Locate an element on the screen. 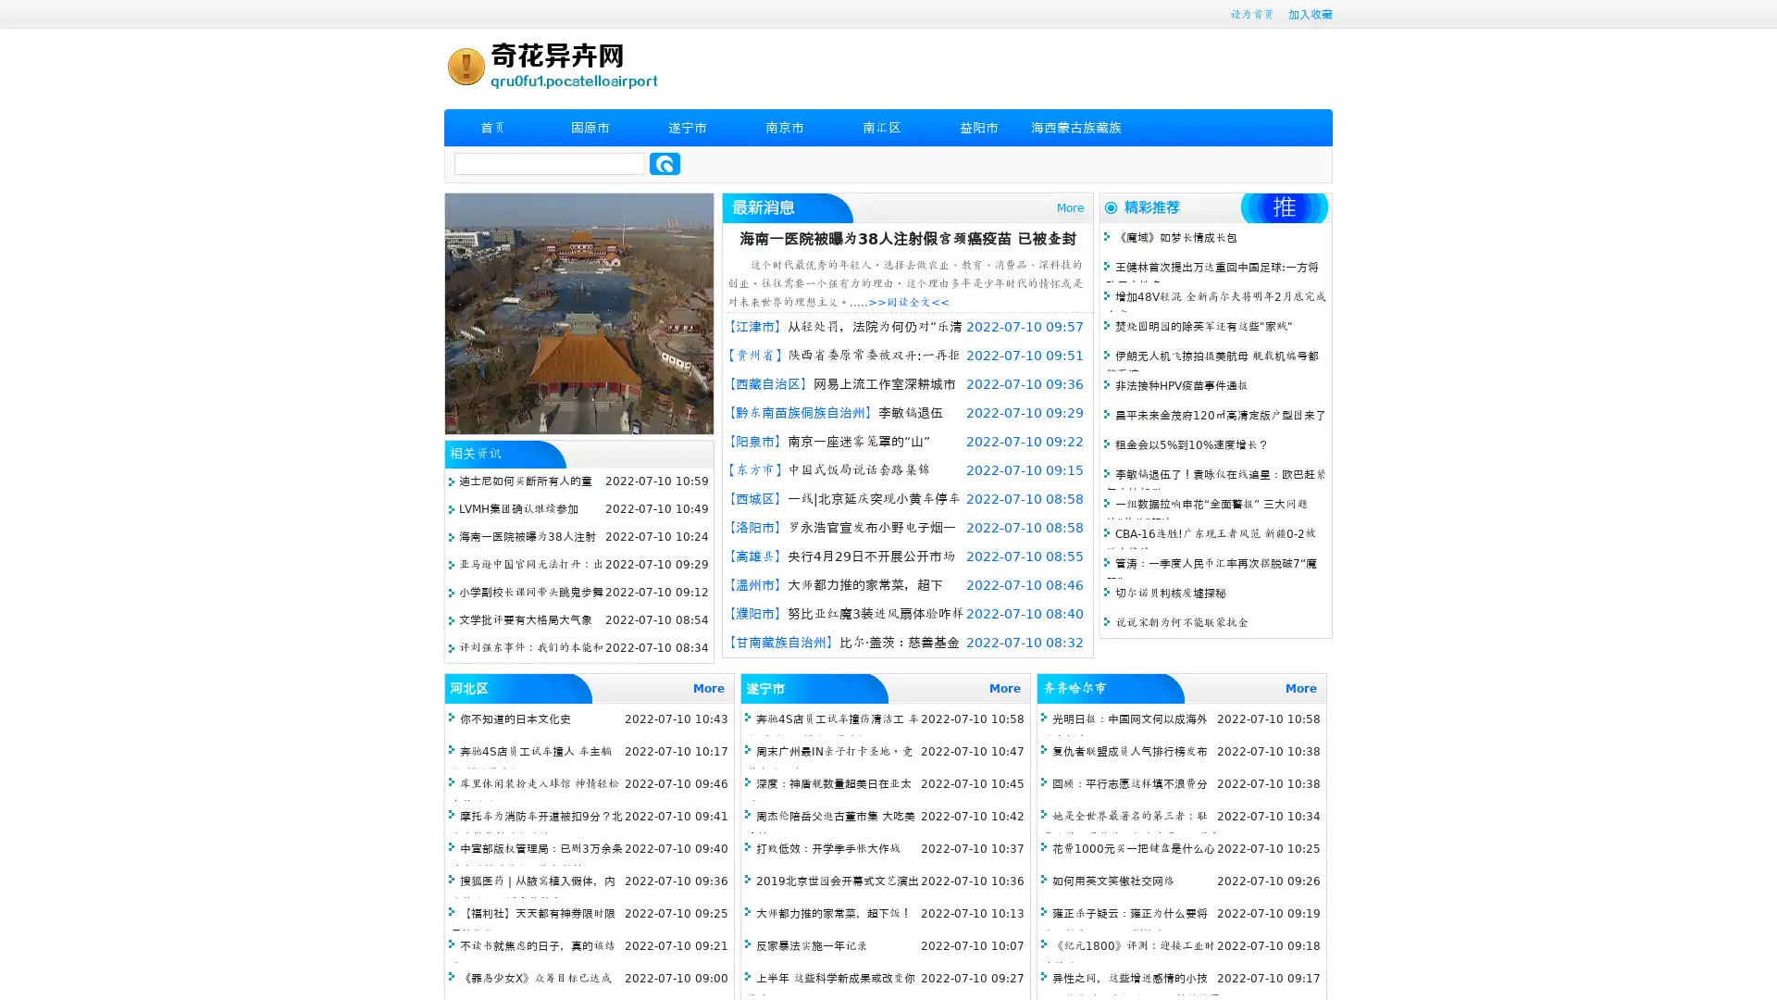  Search is located at coordinates (665, 163).